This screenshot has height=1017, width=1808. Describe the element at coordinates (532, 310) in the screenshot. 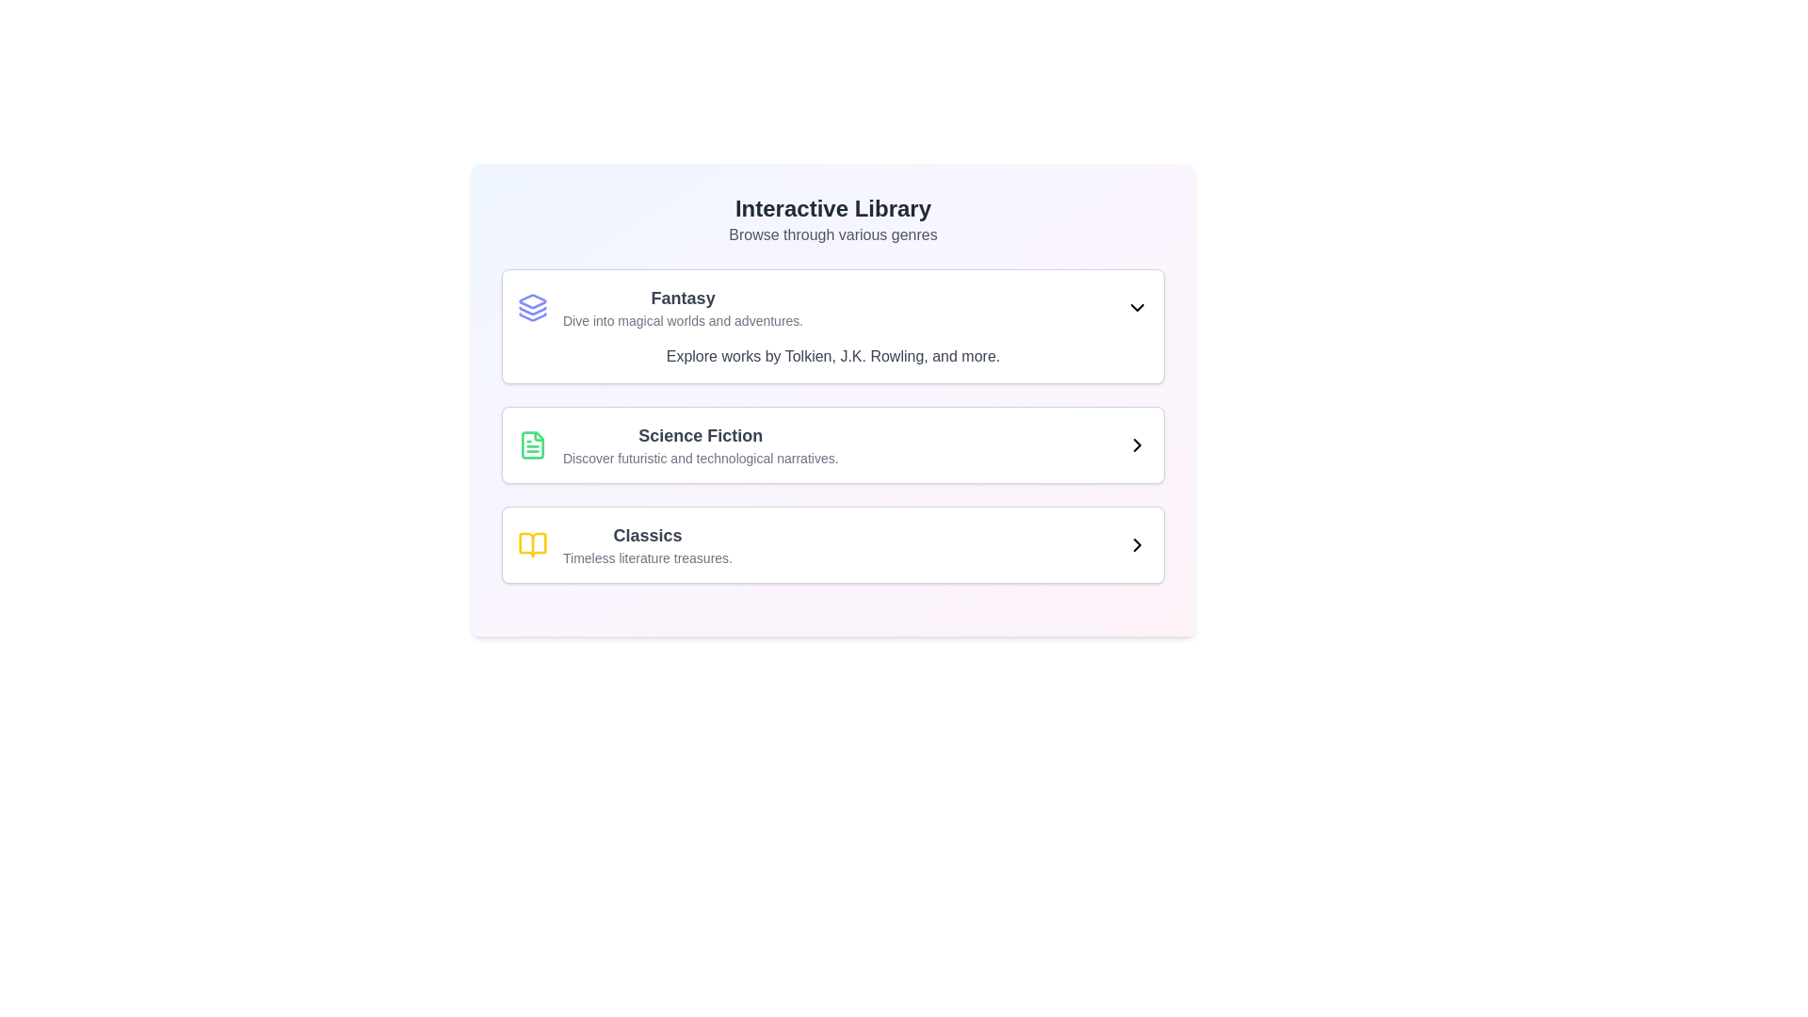

I see `the graphical icon element that is part of the layered icon representing the category for 'Fantasy', located beneath the category text` at that location.